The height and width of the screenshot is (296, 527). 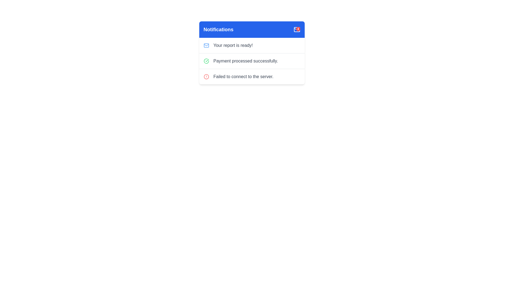 What do you see at coordinates (206, 61) in the screenshot?
I see `the green circular icon with a checkmark inside, which indicates confirmation of a successful action, located to the left of the text 'Payment processed successfully.'` at bounding box center [206, 61].